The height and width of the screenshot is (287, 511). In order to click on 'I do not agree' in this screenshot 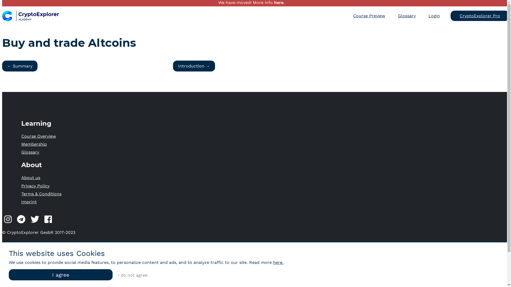, I will do `click(133, 275)`.